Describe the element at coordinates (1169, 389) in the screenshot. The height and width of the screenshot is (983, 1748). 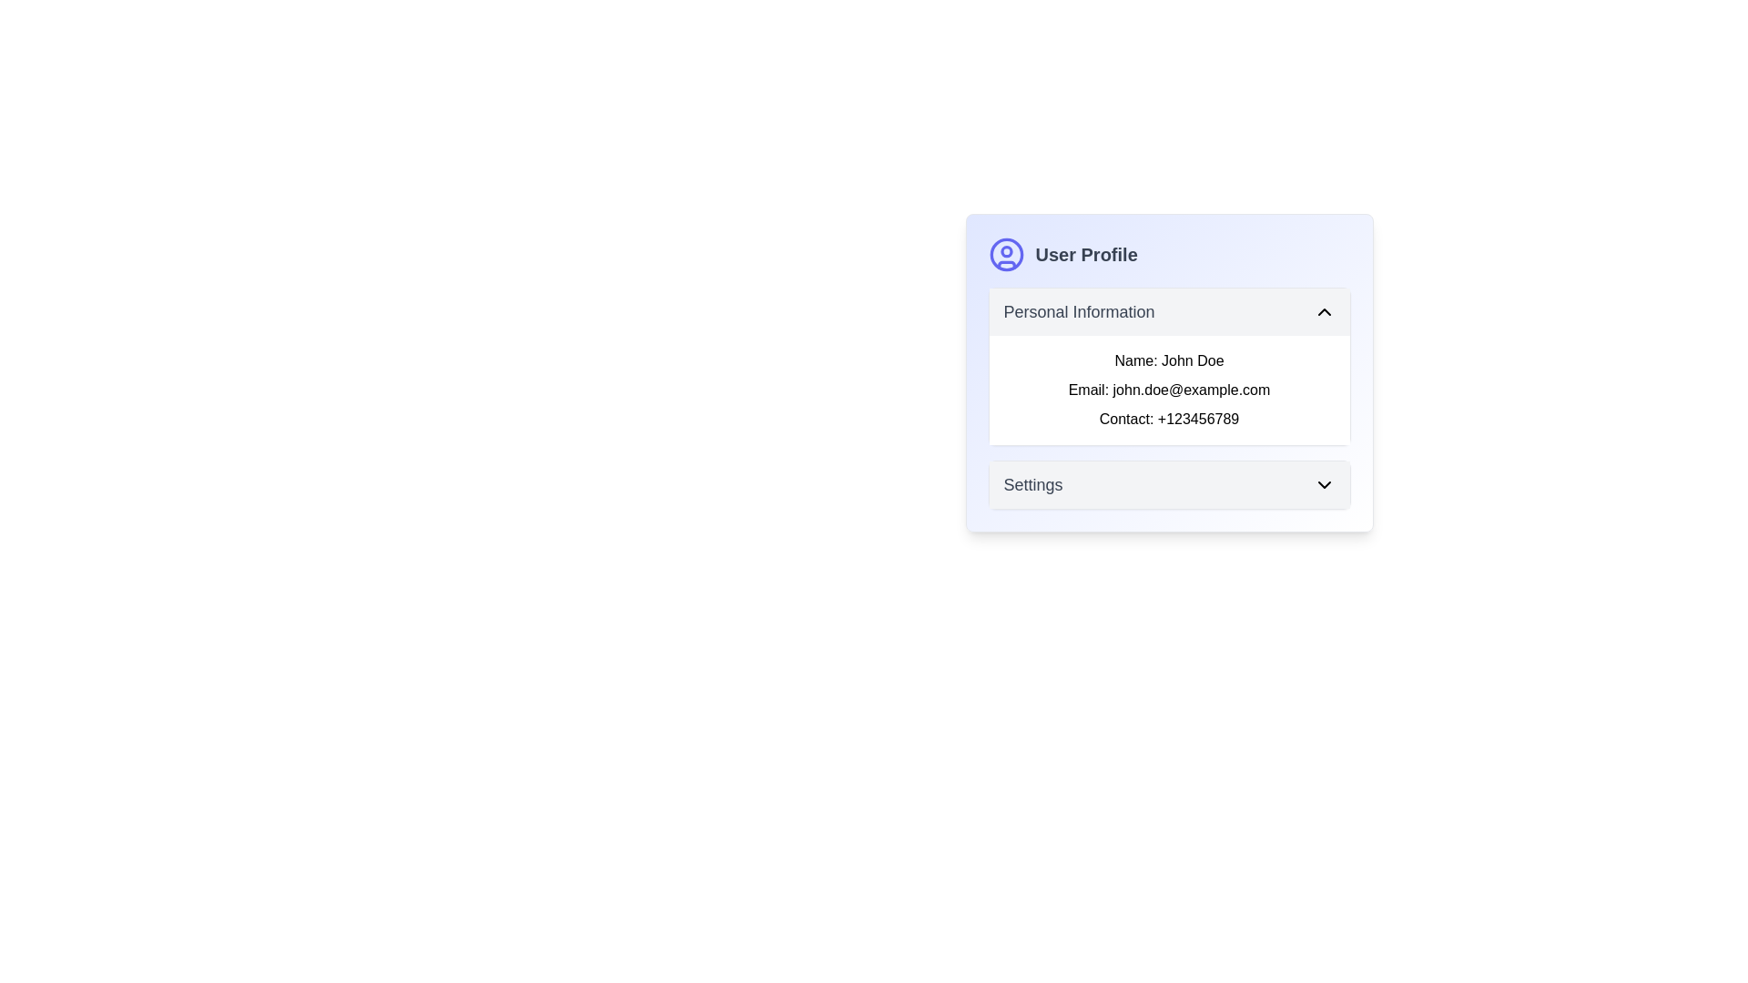
I see `the email address text label in the 'Personal Information' section, which is positioned below 'Name: John Doe' and above 'Contact: +123456789'` at that location.